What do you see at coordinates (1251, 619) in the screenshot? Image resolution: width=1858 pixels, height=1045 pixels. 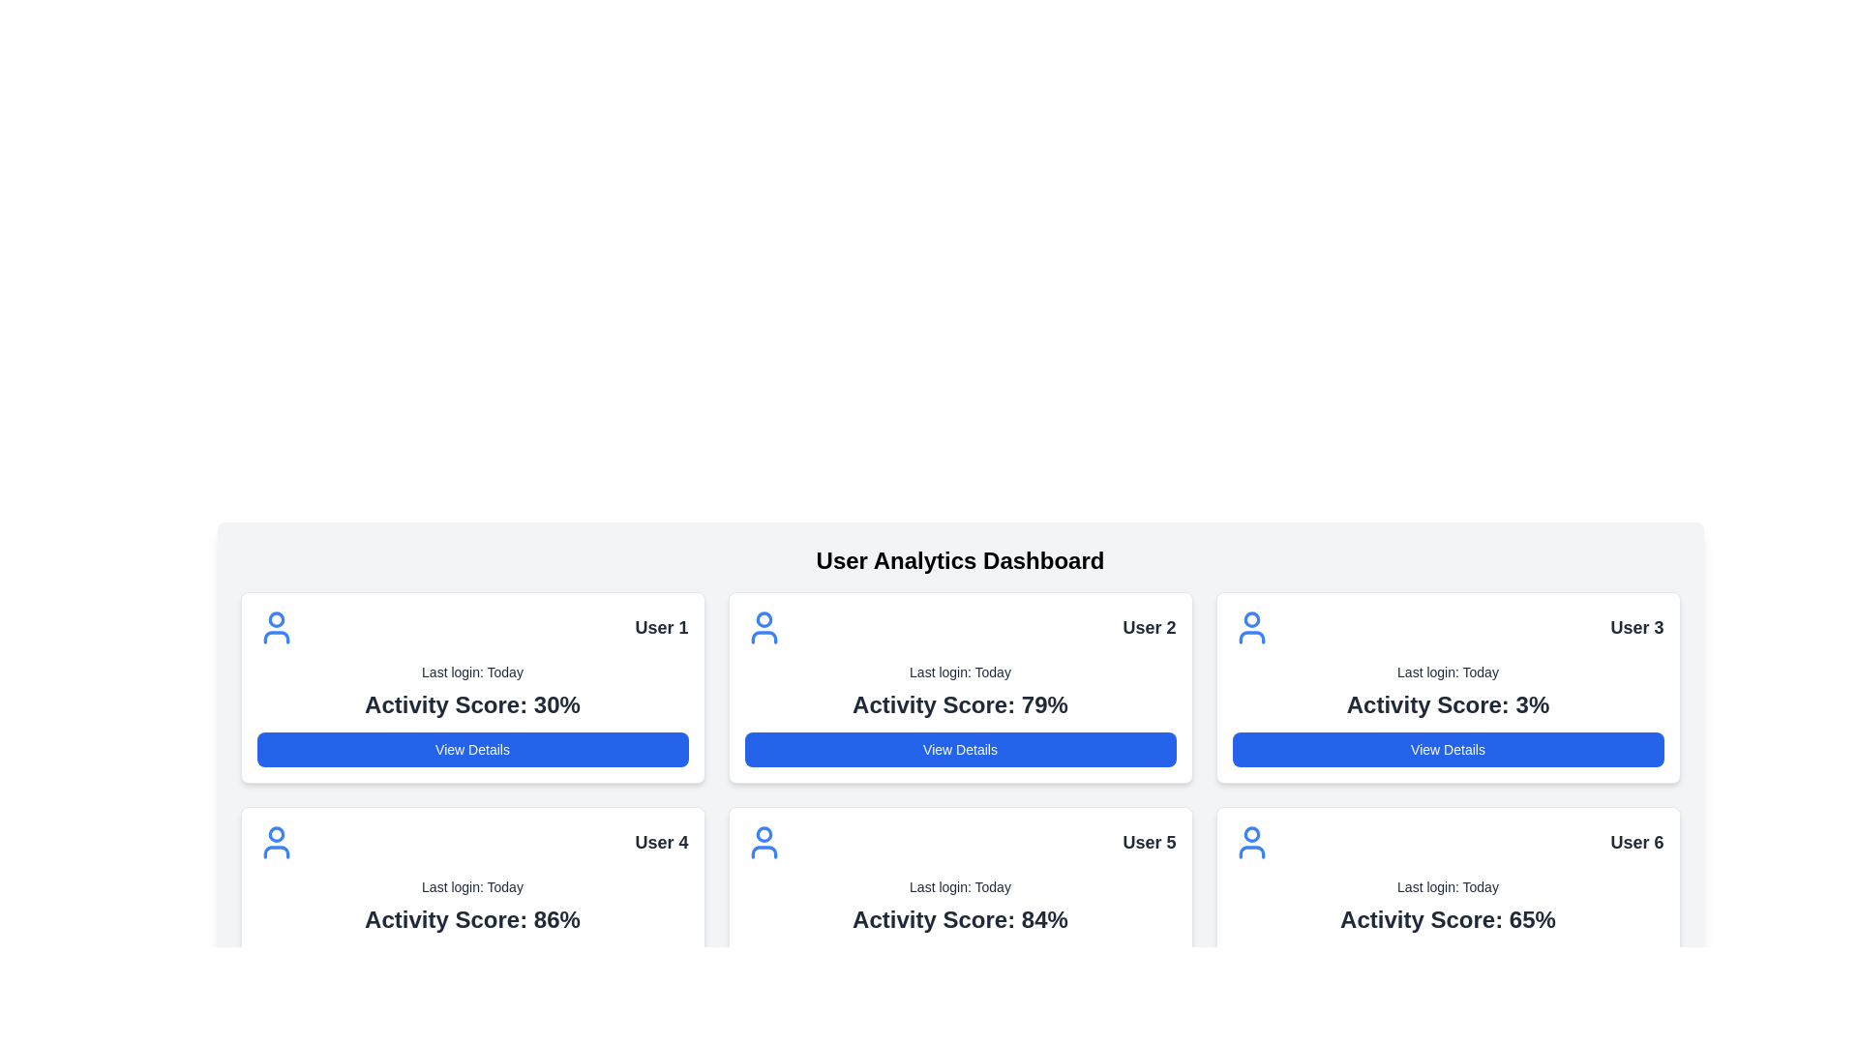 I see `the small blue outlined circle representing the user avatar of 'User 3' located at the top-center of the card in the third column of the grid layout` at bounding box center [1251, 619].